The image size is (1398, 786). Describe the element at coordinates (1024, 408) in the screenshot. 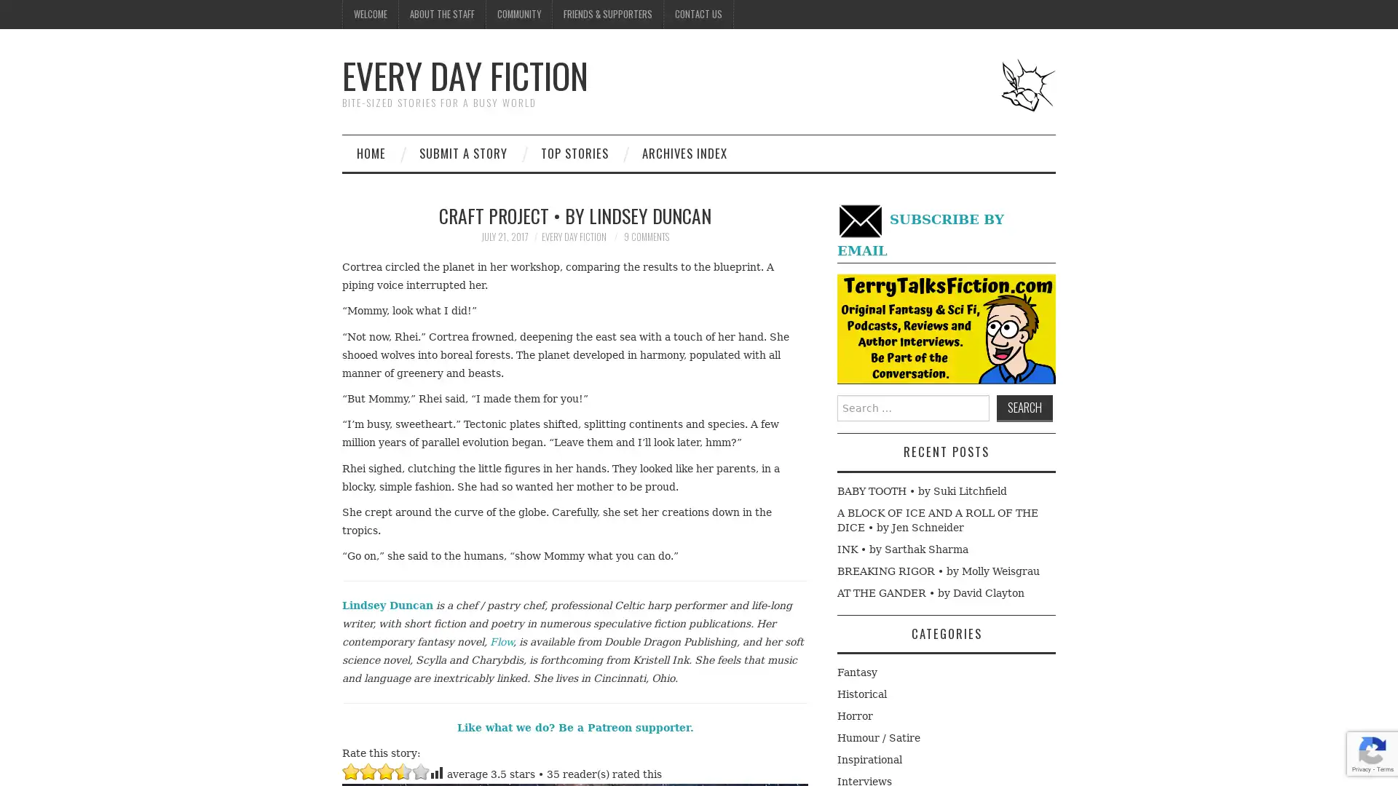

I see `Search` at that location.